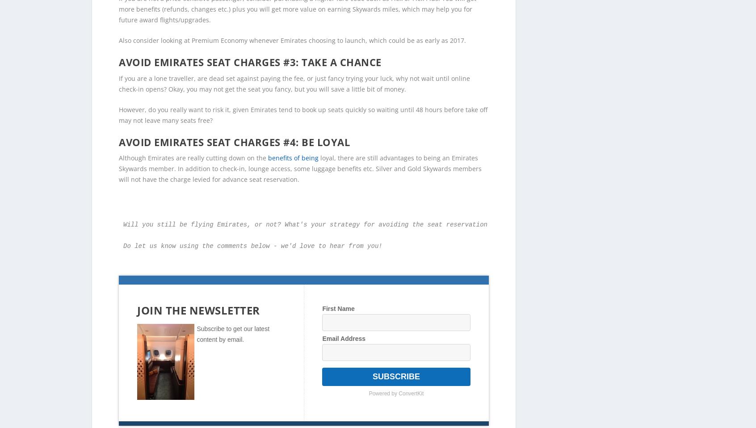  Describe the element at coordinates (234, 127) in the screenshot. I see `'Avoid Emirates seat charges #4: Be Loyal'` at that location.